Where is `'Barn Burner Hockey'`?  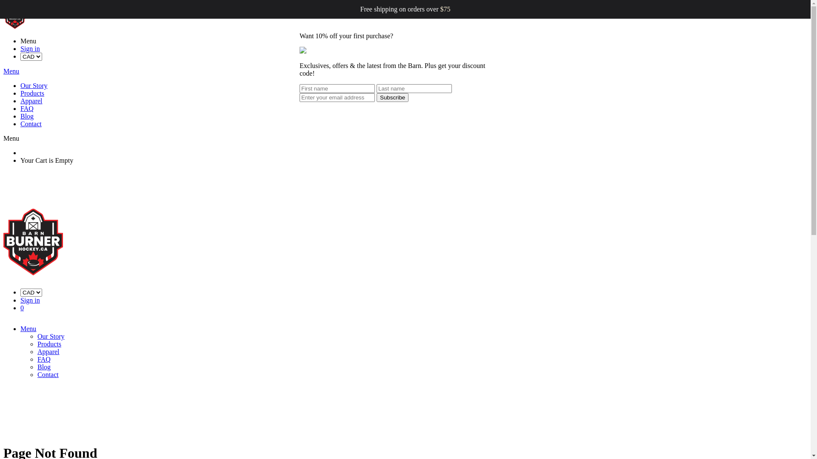 'Barn Burner Hockey' is located at coordinates (3, 242).